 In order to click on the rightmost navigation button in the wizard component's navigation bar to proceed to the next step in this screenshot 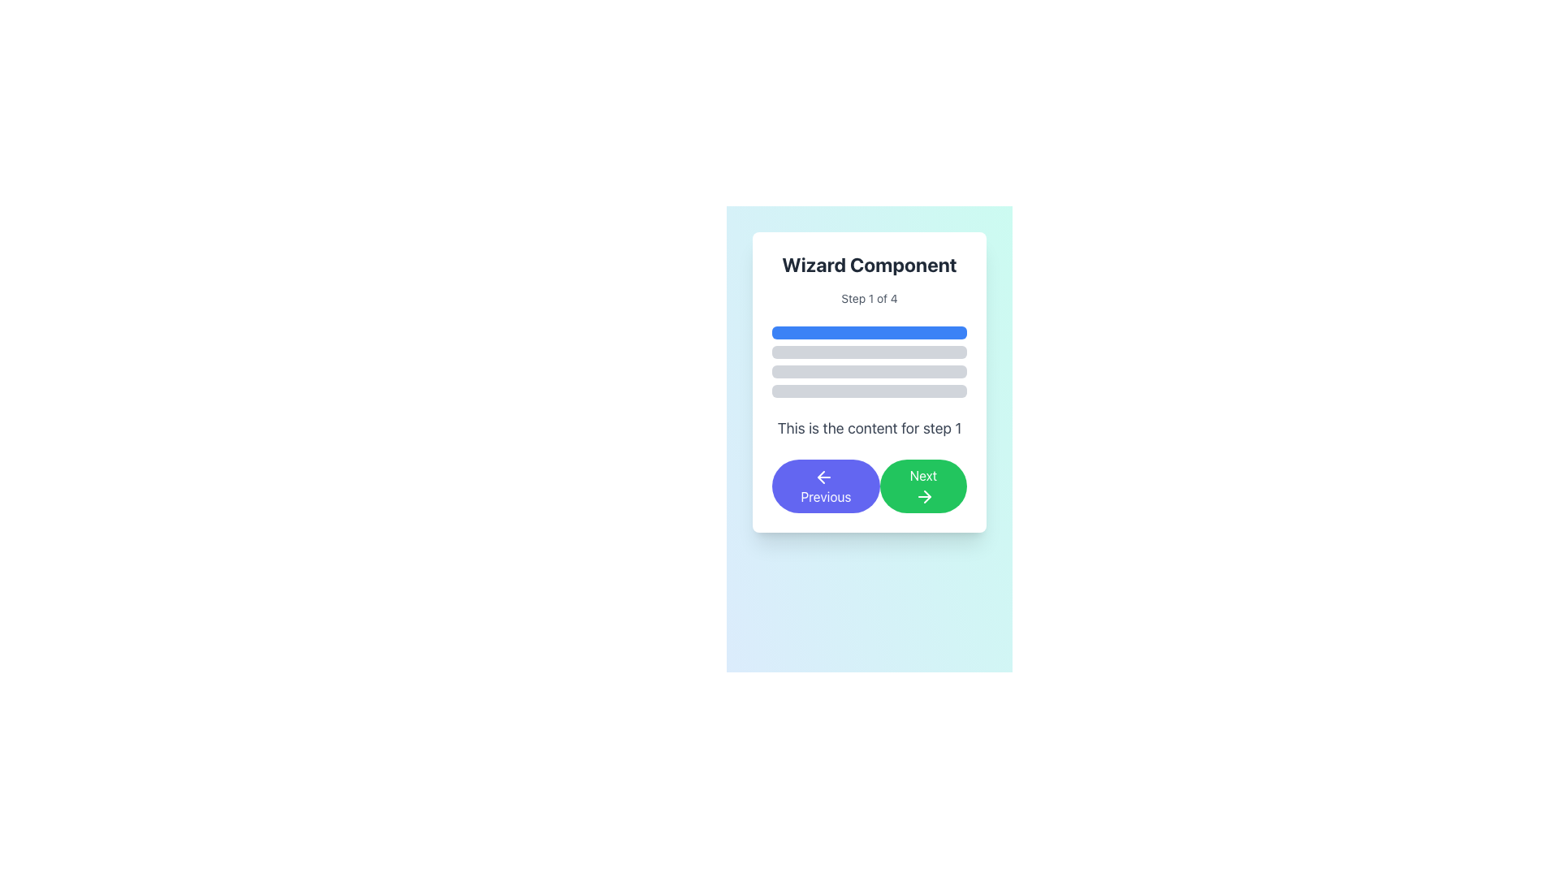, I will do `click(923, 484)`.